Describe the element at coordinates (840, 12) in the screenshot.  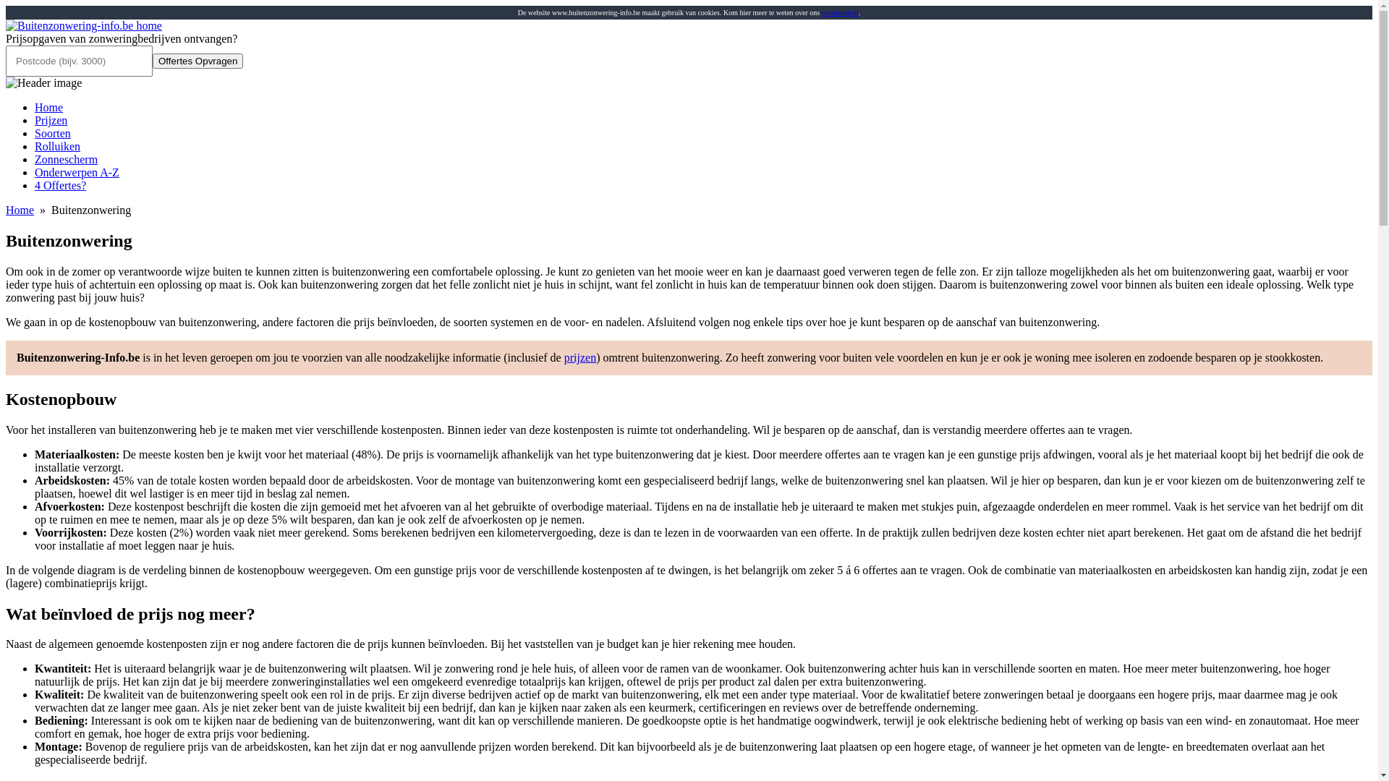
I see `'cookiebeleid'` at that location.